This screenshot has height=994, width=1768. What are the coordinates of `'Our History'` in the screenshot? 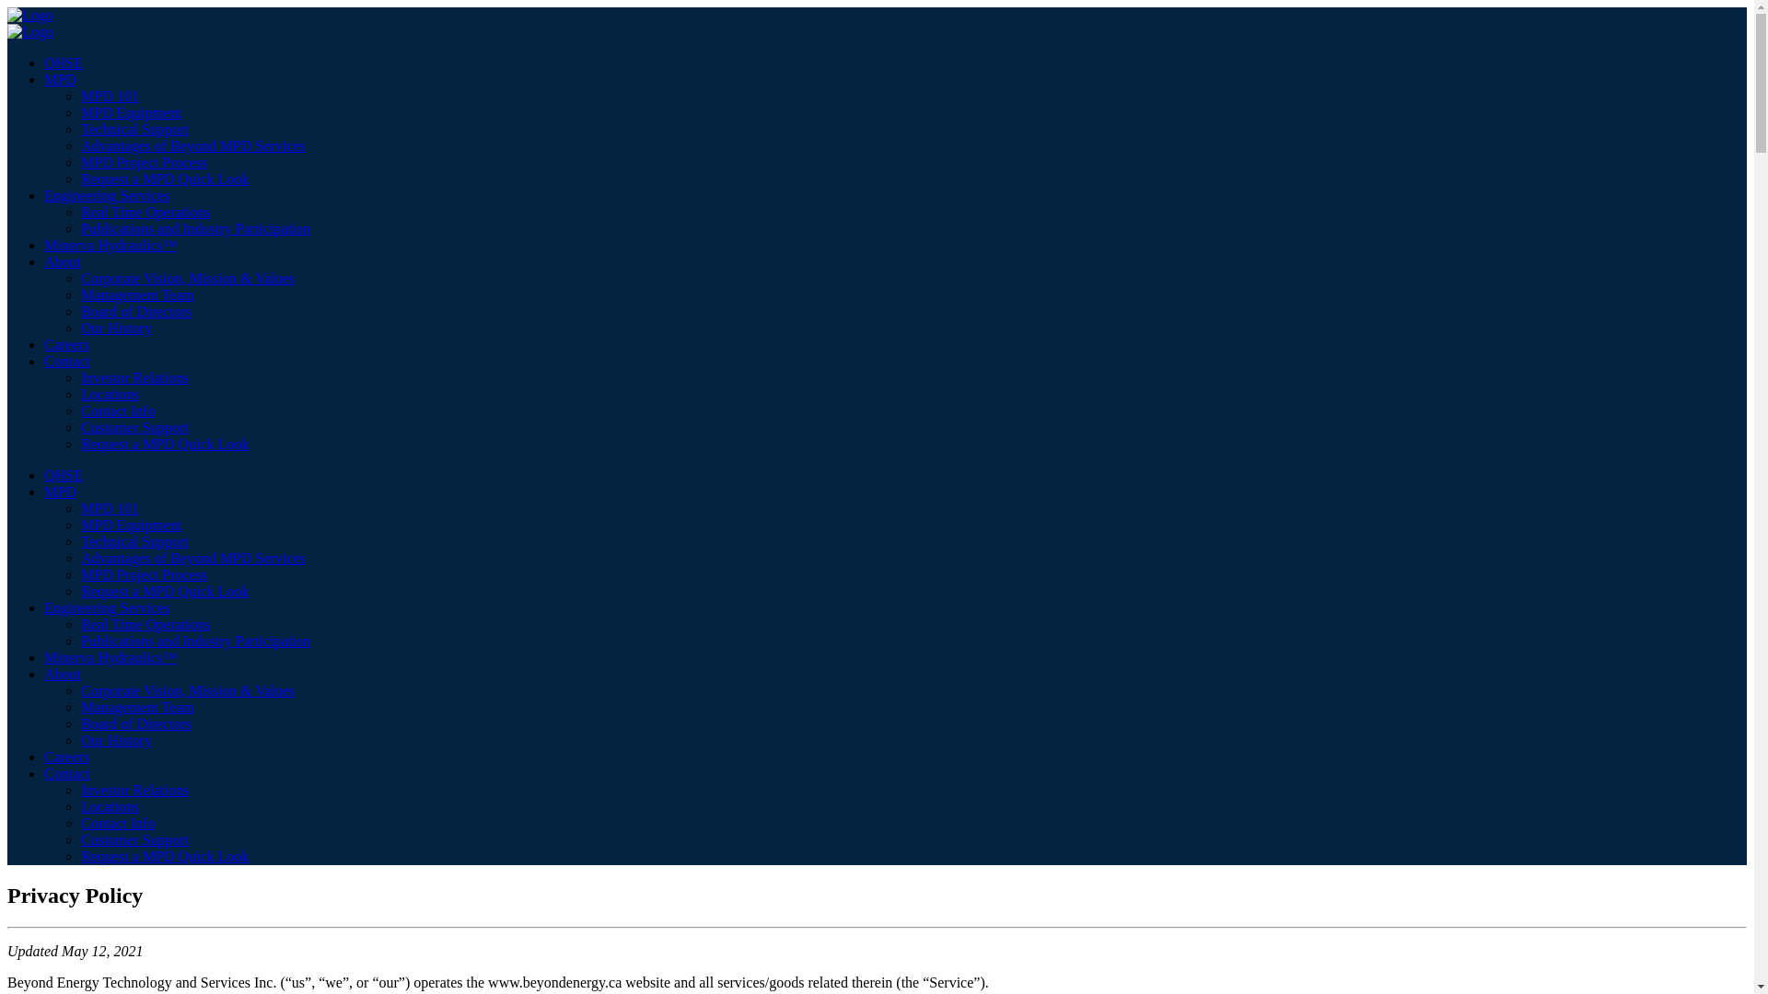 It's located at (115, 739).